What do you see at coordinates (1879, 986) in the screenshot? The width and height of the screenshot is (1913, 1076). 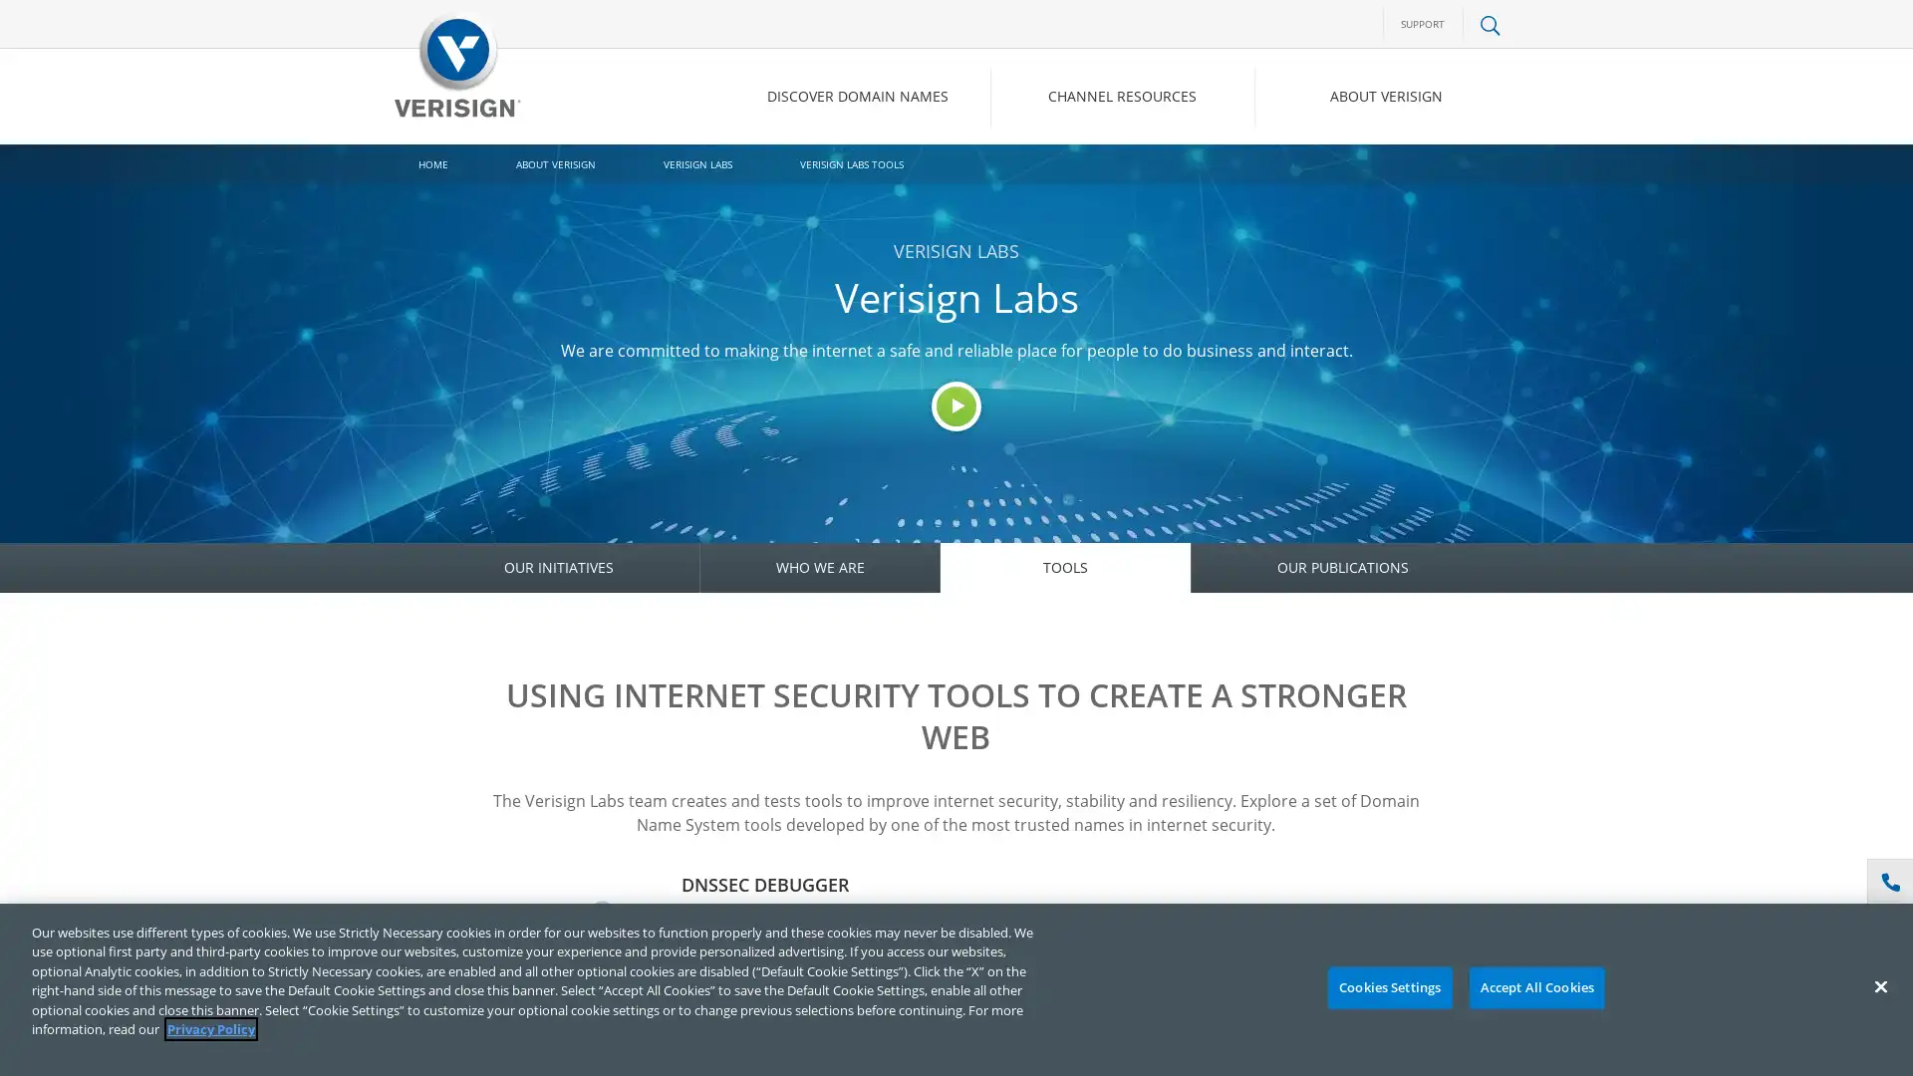 I see `Close` at bounding box center [1879, 986].